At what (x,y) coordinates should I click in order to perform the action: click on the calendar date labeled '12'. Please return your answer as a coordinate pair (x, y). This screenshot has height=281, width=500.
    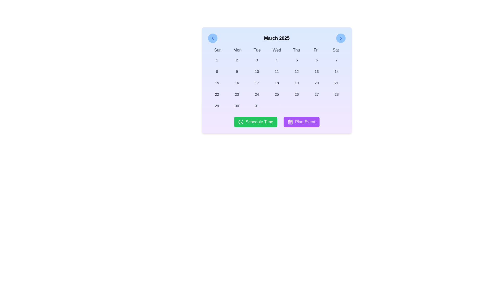
    Looking at the image, I should click on (297, 71).